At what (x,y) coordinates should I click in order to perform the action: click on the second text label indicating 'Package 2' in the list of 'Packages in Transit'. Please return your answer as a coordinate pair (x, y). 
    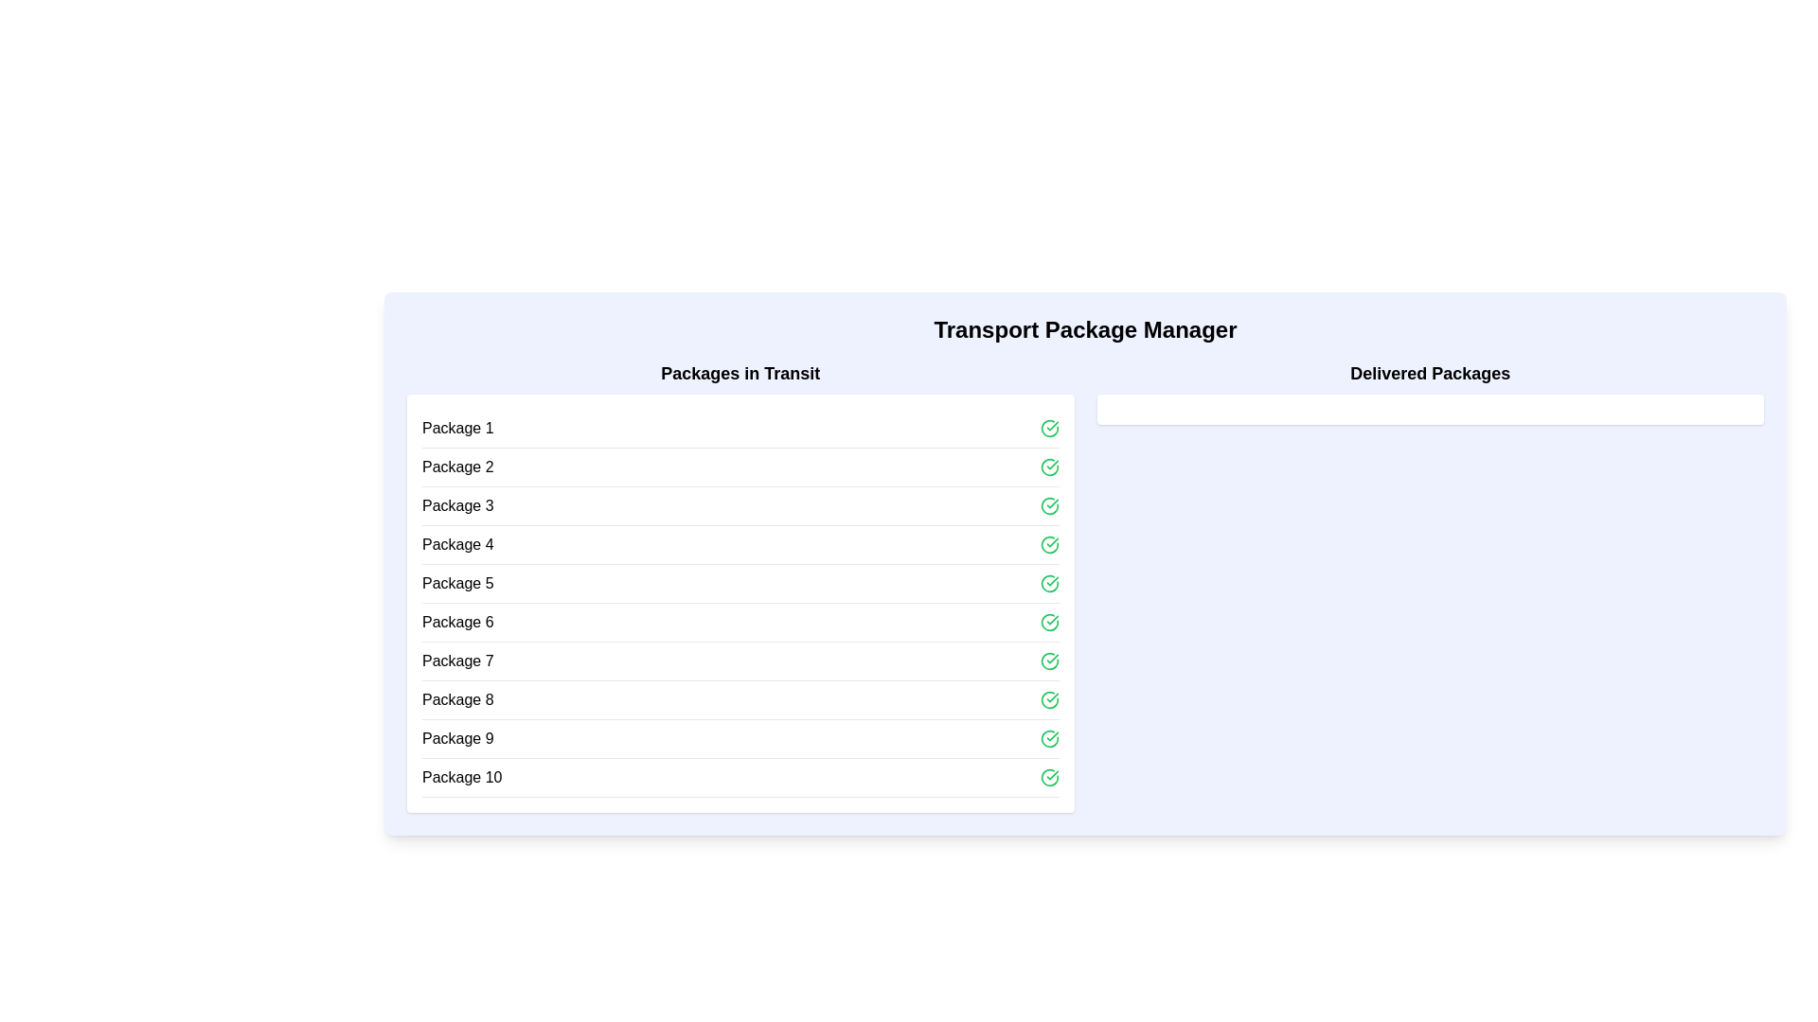
    Looking at the image, I should click on (457, 467).